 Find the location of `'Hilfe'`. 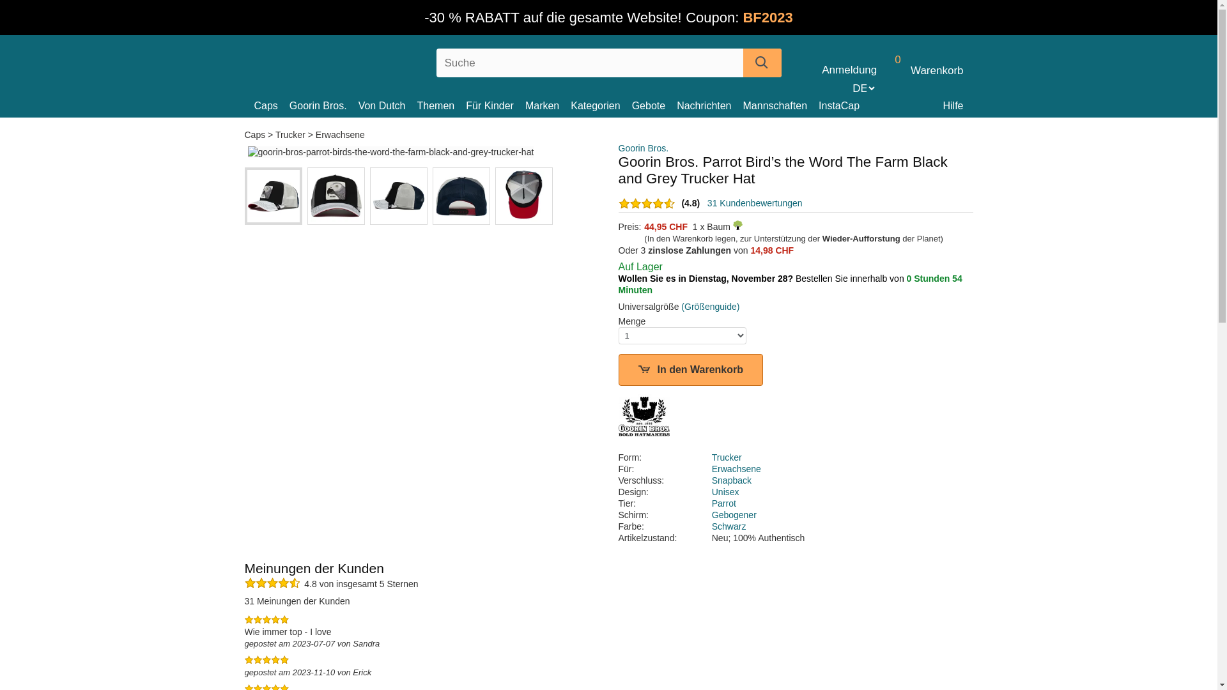

'Hilfe' is located at coordinates (953, 105).